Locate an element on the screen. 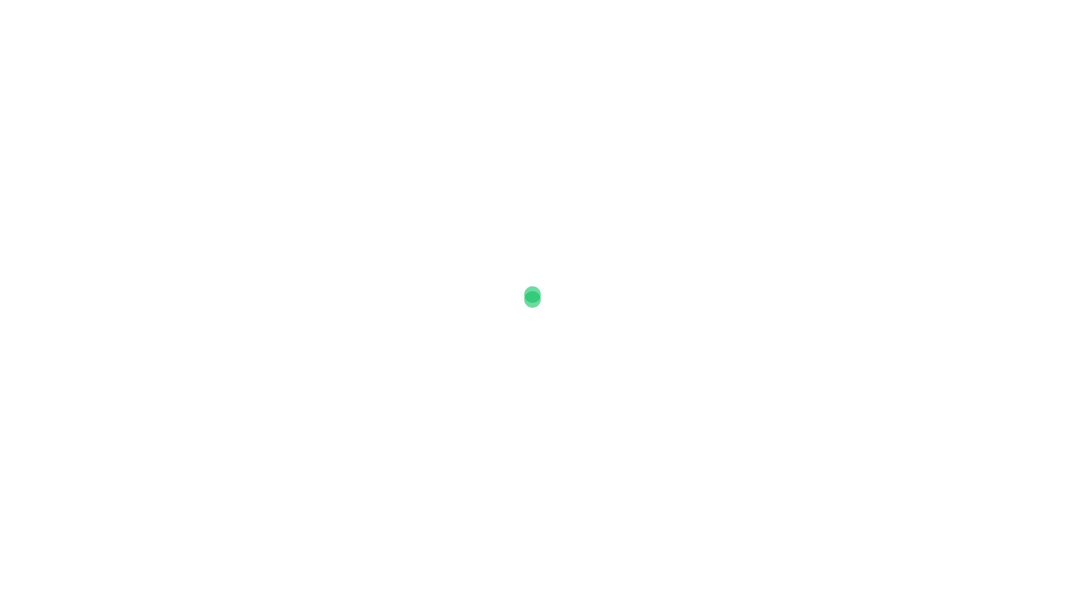 The height and width of the screenshot is (599, 1065). 'Daad voor ons Klimaat' is located at coordinates (285, 19).